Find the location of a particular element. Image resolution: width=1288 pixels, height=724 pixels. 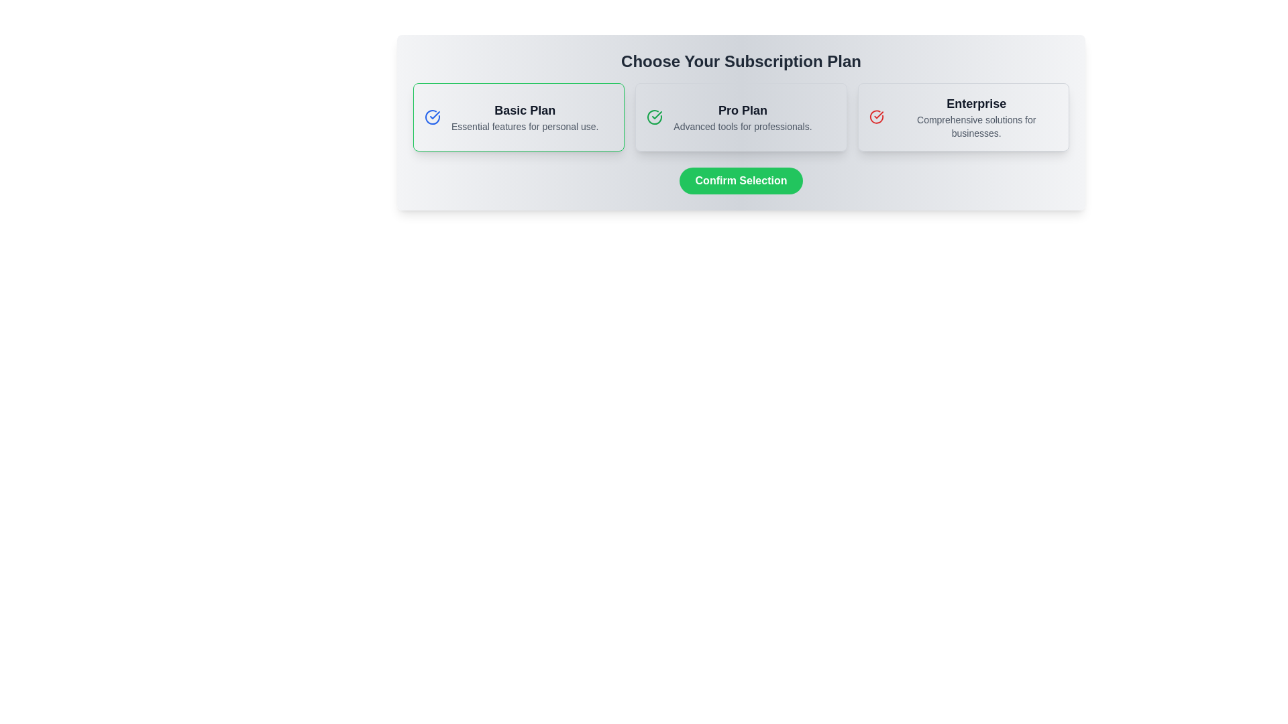

the checkmark icon in the 'Basic Plan' subscription card, which is styled with a blue stroke color and is part of an SVG graphic is located at coordinates (435, 115).